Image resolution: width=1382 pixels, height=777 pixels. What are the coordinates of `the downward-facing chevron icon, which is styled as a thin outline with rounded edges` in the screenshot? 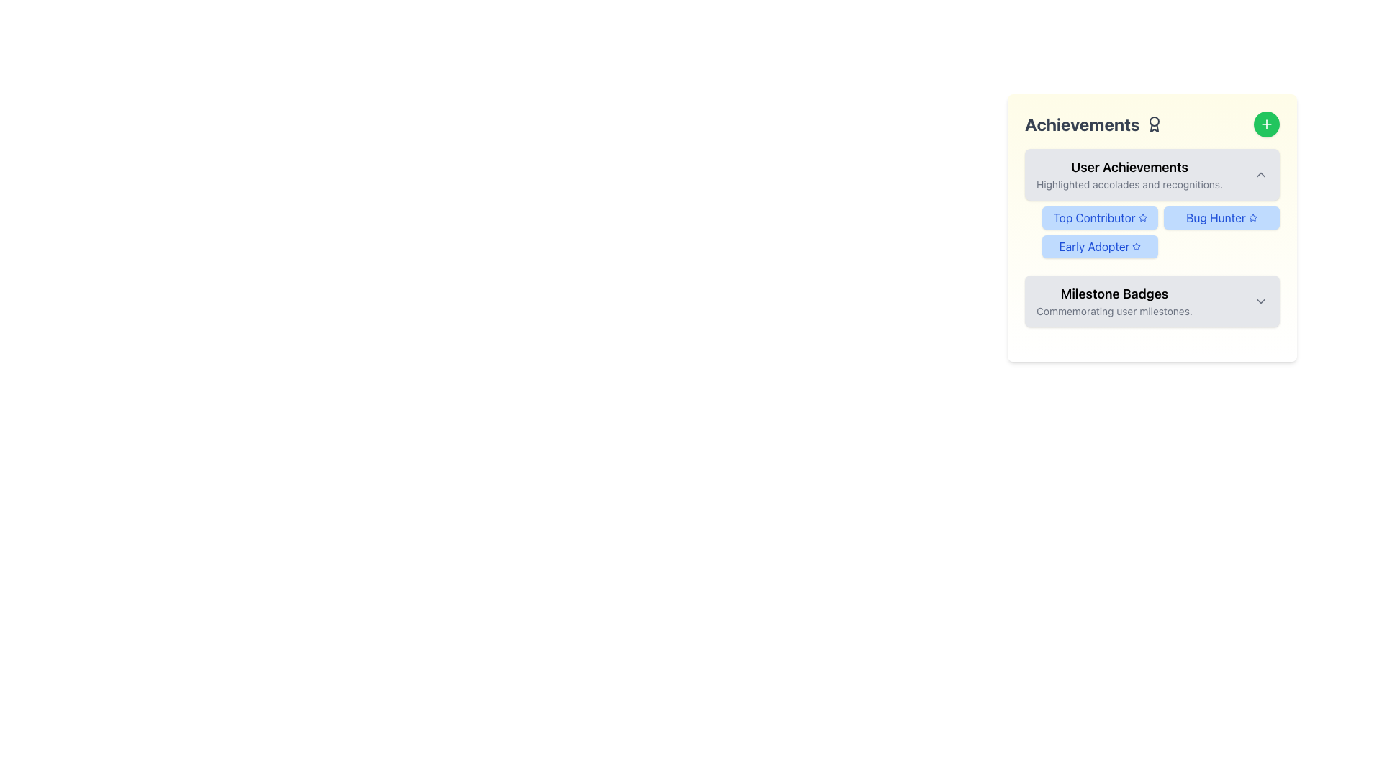 It's located at (1260, 301).